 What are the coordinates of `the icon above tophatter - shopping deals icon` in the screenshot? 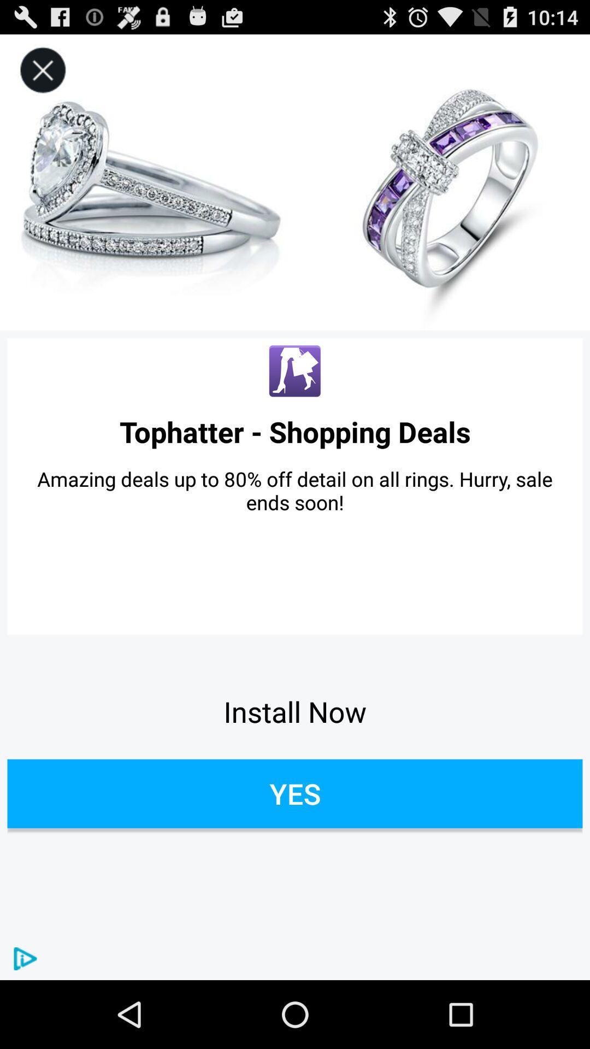 It's located at (295, 372).